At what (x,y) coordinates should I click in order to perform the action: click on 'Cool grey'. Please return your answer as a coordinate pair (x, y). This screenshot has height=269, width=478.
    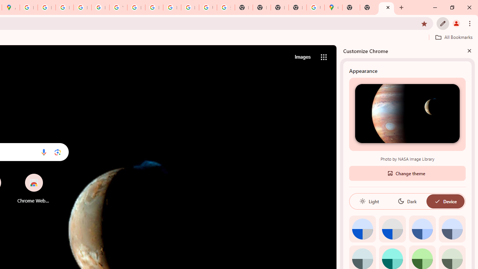
    Looking at the image, I should click on (451, 228).